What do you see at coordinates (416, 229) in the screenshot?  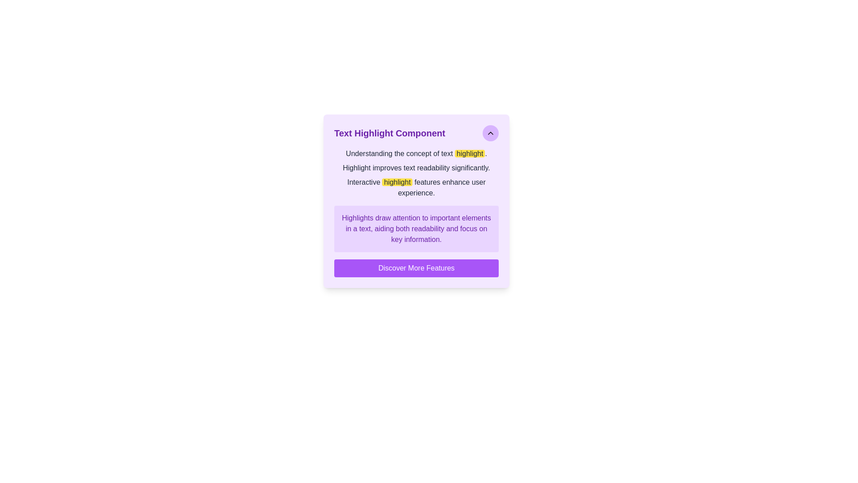 I see `the text block that has a purple background and contains important information about highlights aiding readability` at bounding box center [416, 229].